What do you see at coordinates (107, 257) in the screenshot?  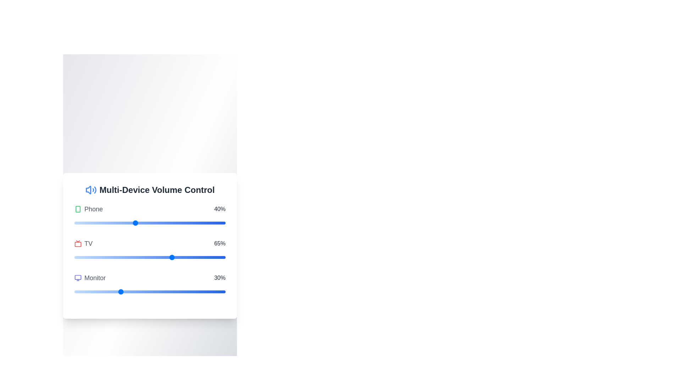 I see `TV volume` at bounding box center [107, 257].